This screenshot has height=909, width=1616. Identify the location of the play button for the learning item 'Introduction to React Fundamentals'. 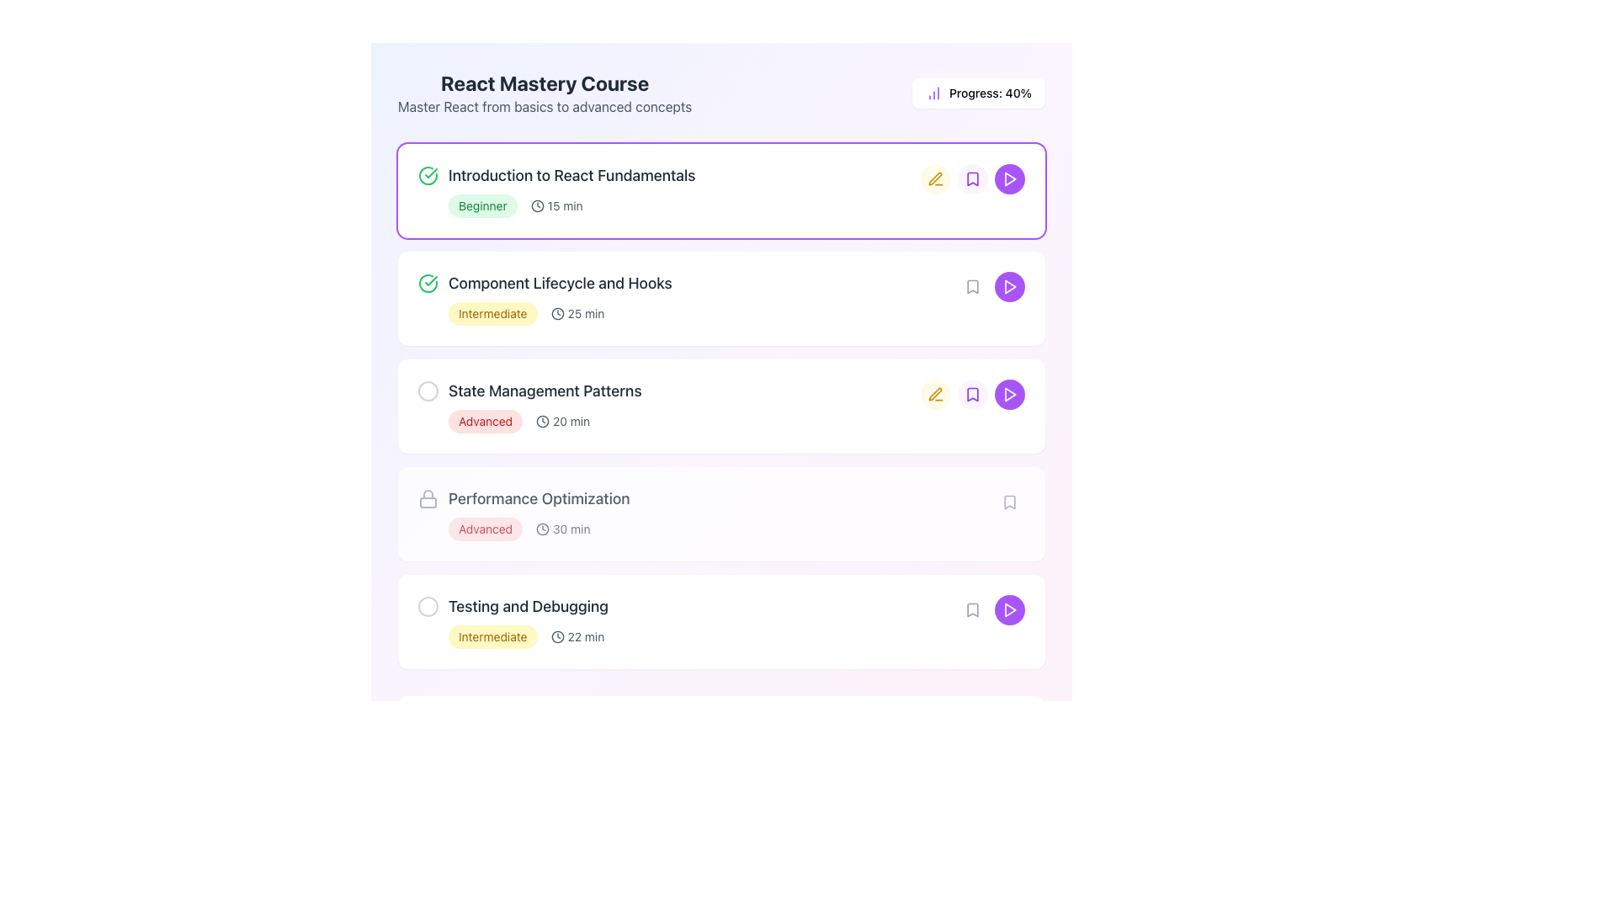
(1010, 178).